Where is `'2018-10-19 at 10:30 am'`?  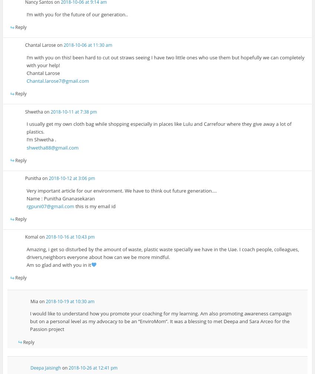 '2018-10-19 at 10:30 am' is located at coordinates (69, 301).